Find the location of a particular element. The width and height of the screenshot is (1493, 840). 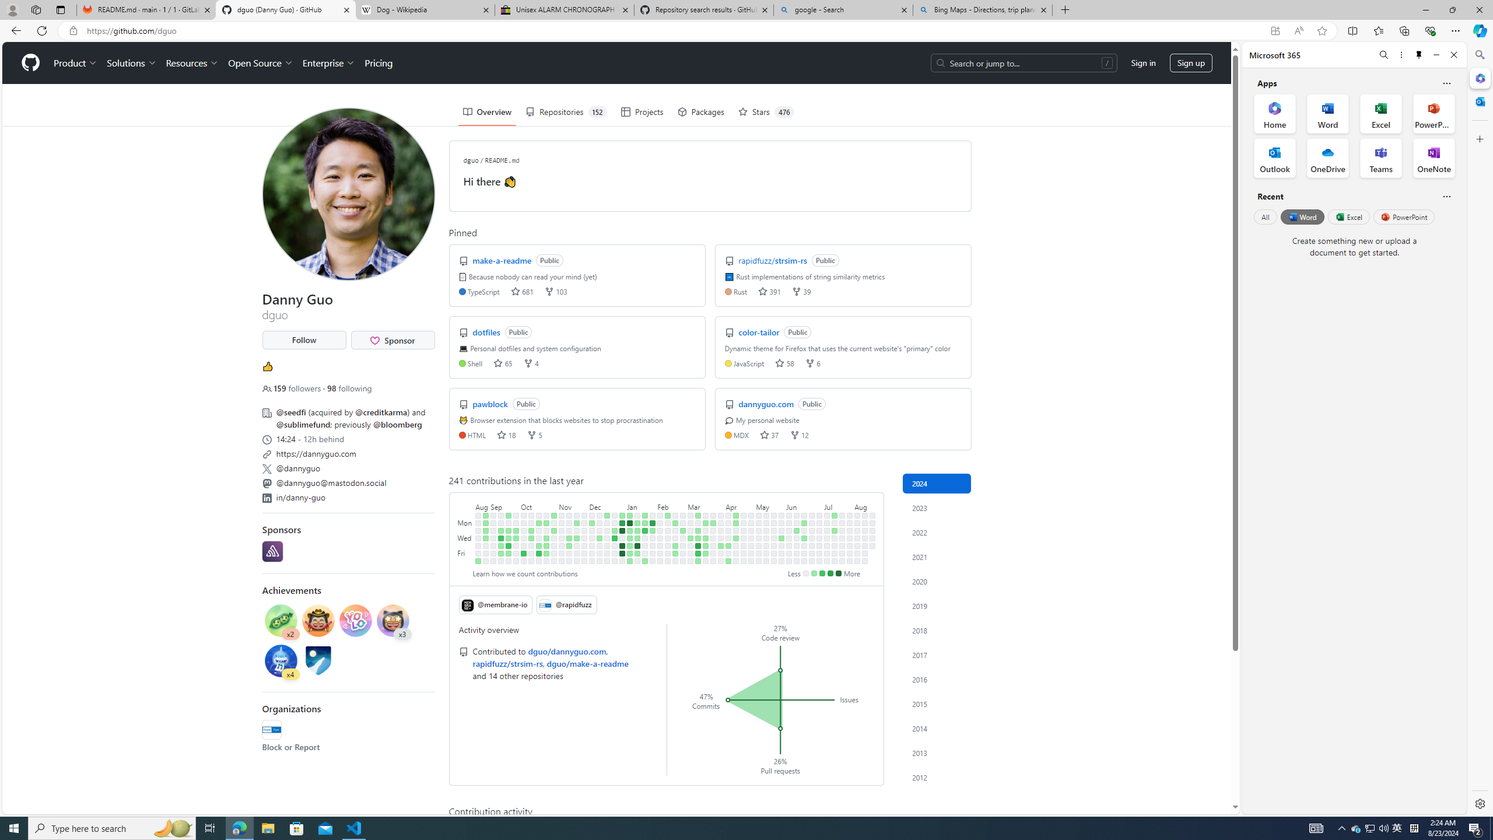

'4 contributions on December 27th.' is located at coordinates (614, 538).